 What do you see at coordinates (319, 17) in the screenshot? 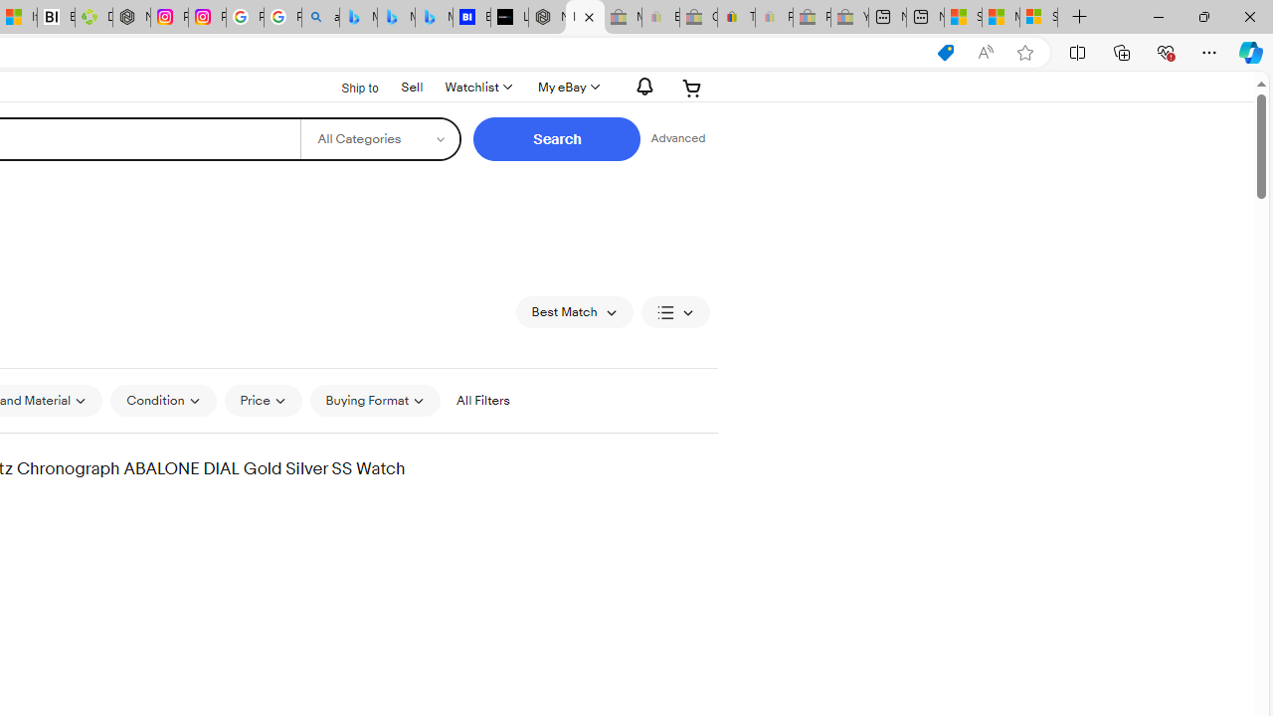
I see `'alabama high school quarterback dies - Search'` at bounding box center [319, 17].